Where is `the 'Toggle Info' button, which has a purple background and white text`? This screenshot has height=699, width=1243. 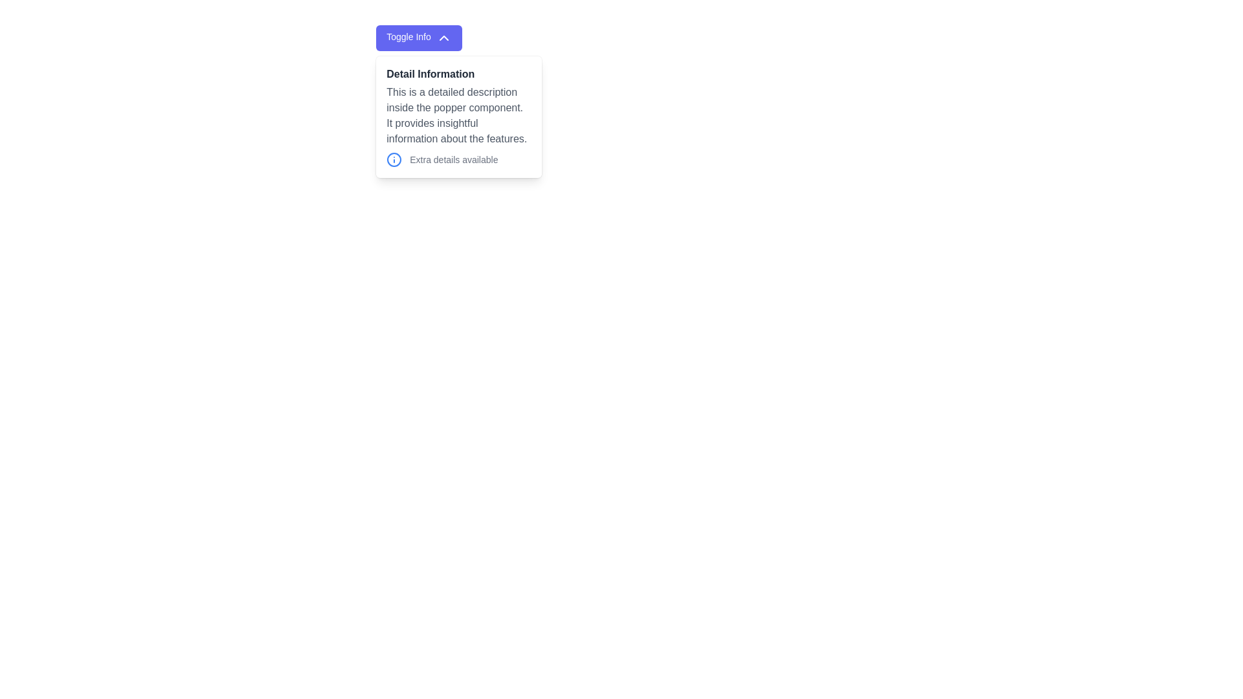 the 'Toggle Info' button, which has a purple background and white text is located at coordinates (419, 37).